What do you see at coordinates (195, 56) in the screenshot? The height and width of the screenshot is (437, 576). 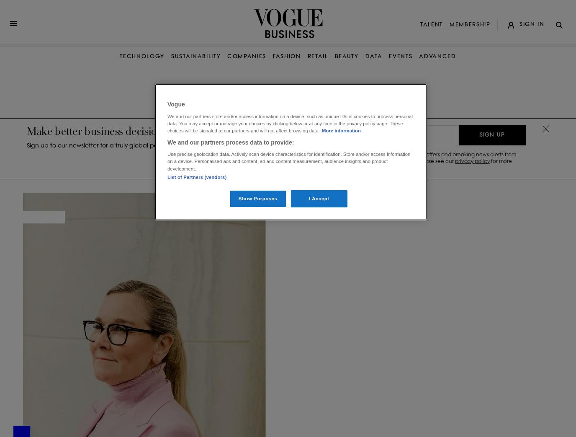 I see `'Sustainability'` at bounding box center [195, 56].